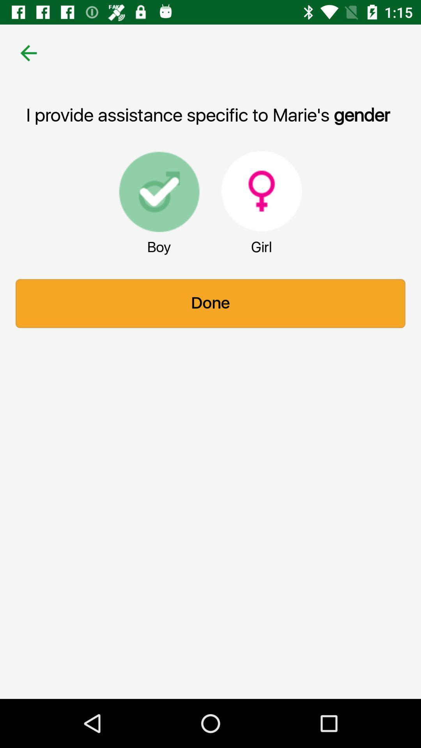  I want to click on the done icon, so click(210, 303).